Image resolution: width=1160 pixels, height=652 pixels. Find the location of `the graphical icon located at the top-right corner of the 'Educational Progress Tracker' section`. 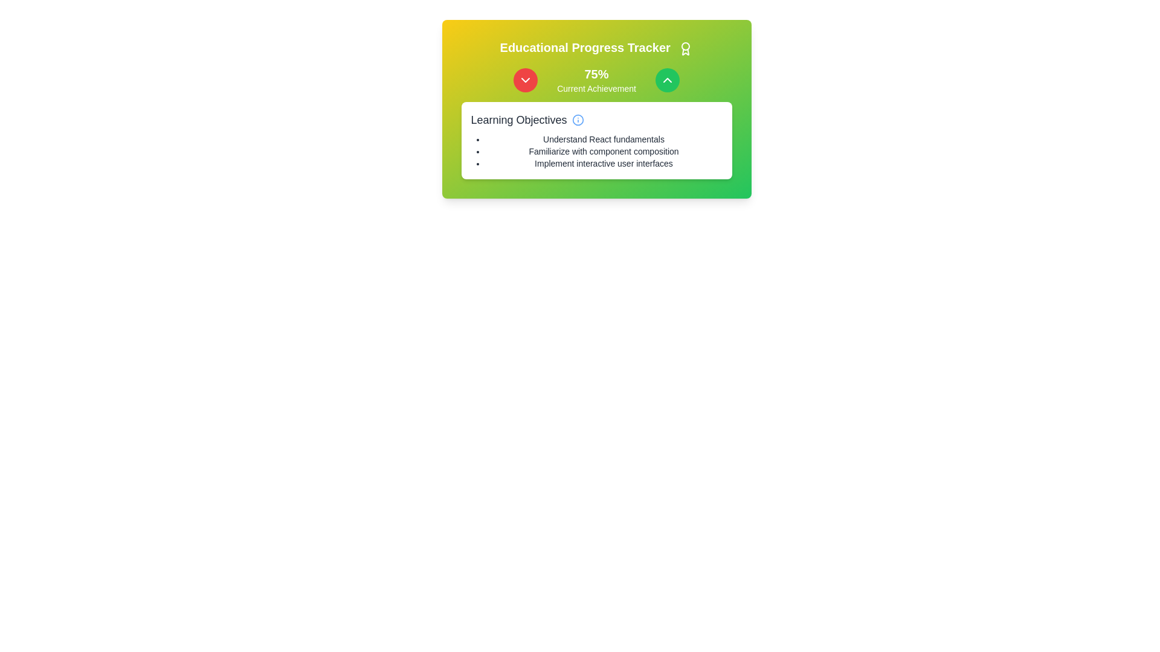

the graphical icon located at the top-right corner of the 'Educational Progress Tracker' section is located at coordinates (686, 48).